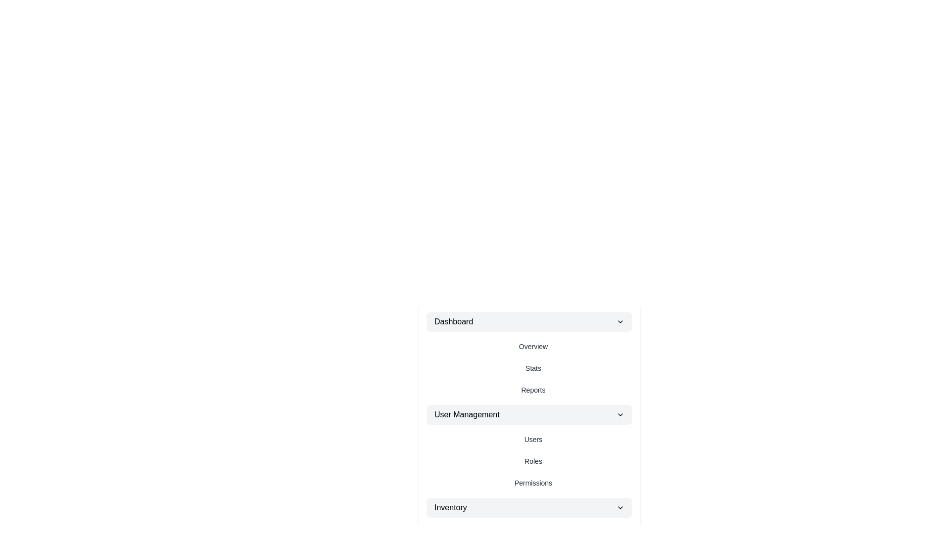 Image resolution: width=950 pixels, height=534 pixels. I want to click on the menu item Permissions from the StyledMenu, so click(533, 482).